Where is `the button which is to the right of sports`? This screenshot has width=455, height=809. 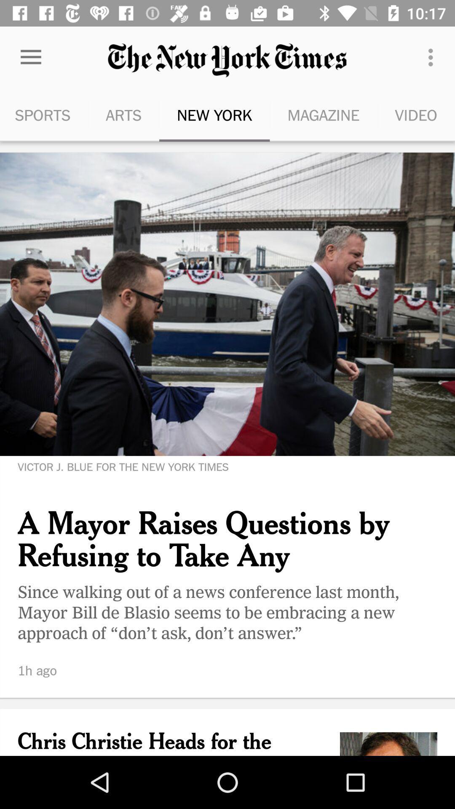 the button which is to the right of sports is located at coordinates (123, 115).